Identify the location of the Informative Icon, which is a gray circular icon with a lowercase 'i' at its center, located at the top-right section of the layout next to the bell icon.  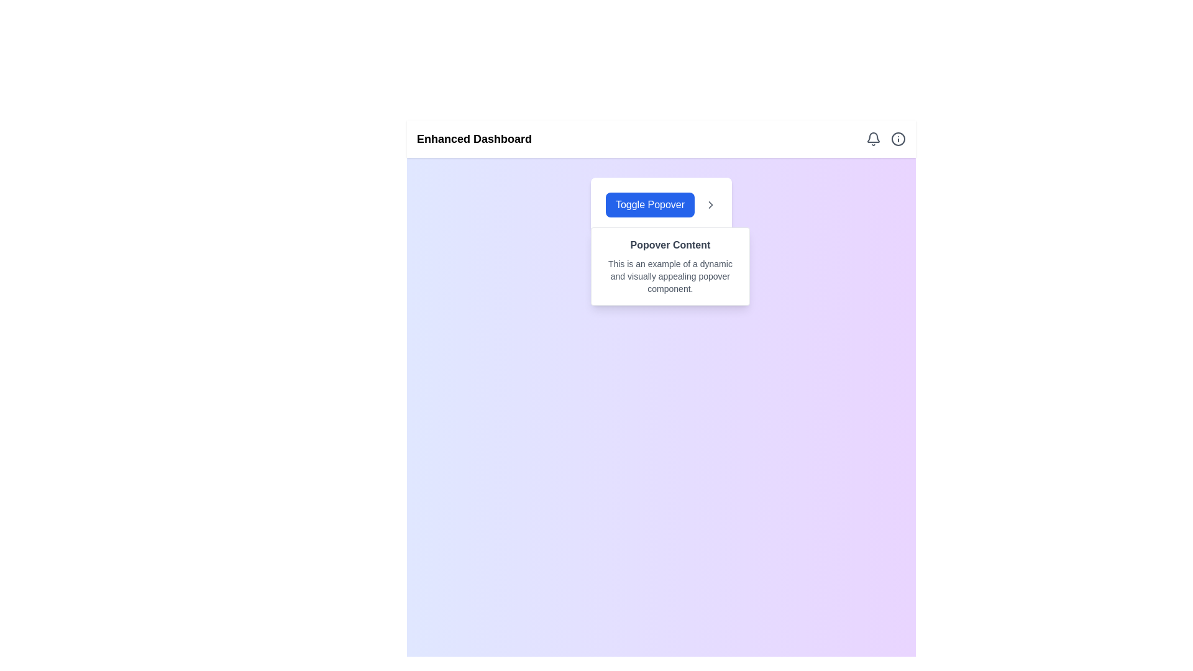
(898, 139).